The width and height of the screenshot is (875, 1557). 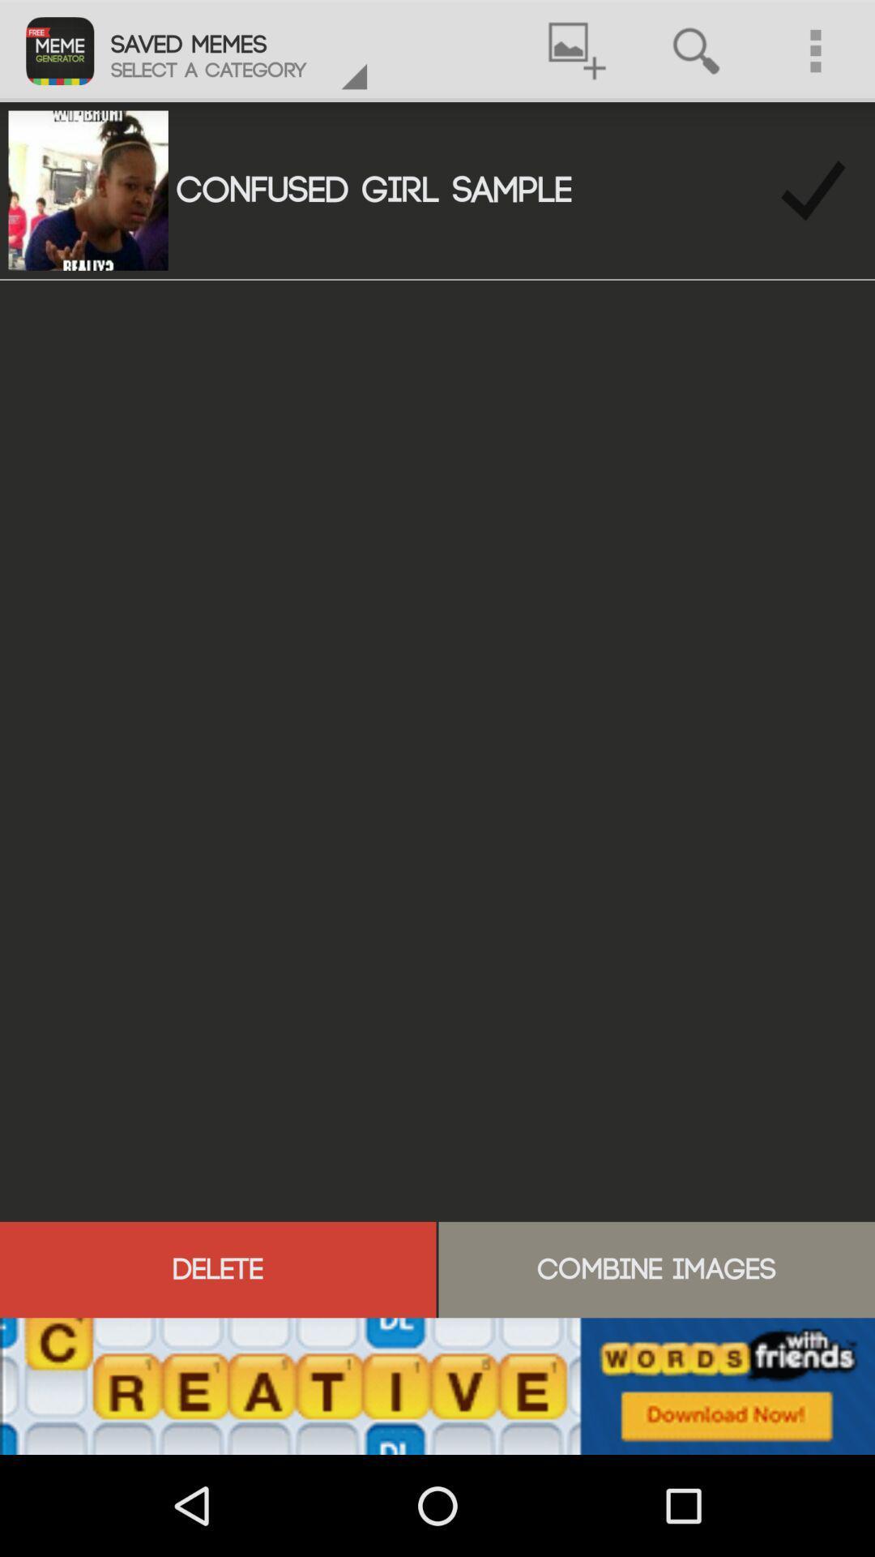 What do you see at coordinates (813, 191) in the screenshot?
I see `ok` at bounding box center [813, 191].